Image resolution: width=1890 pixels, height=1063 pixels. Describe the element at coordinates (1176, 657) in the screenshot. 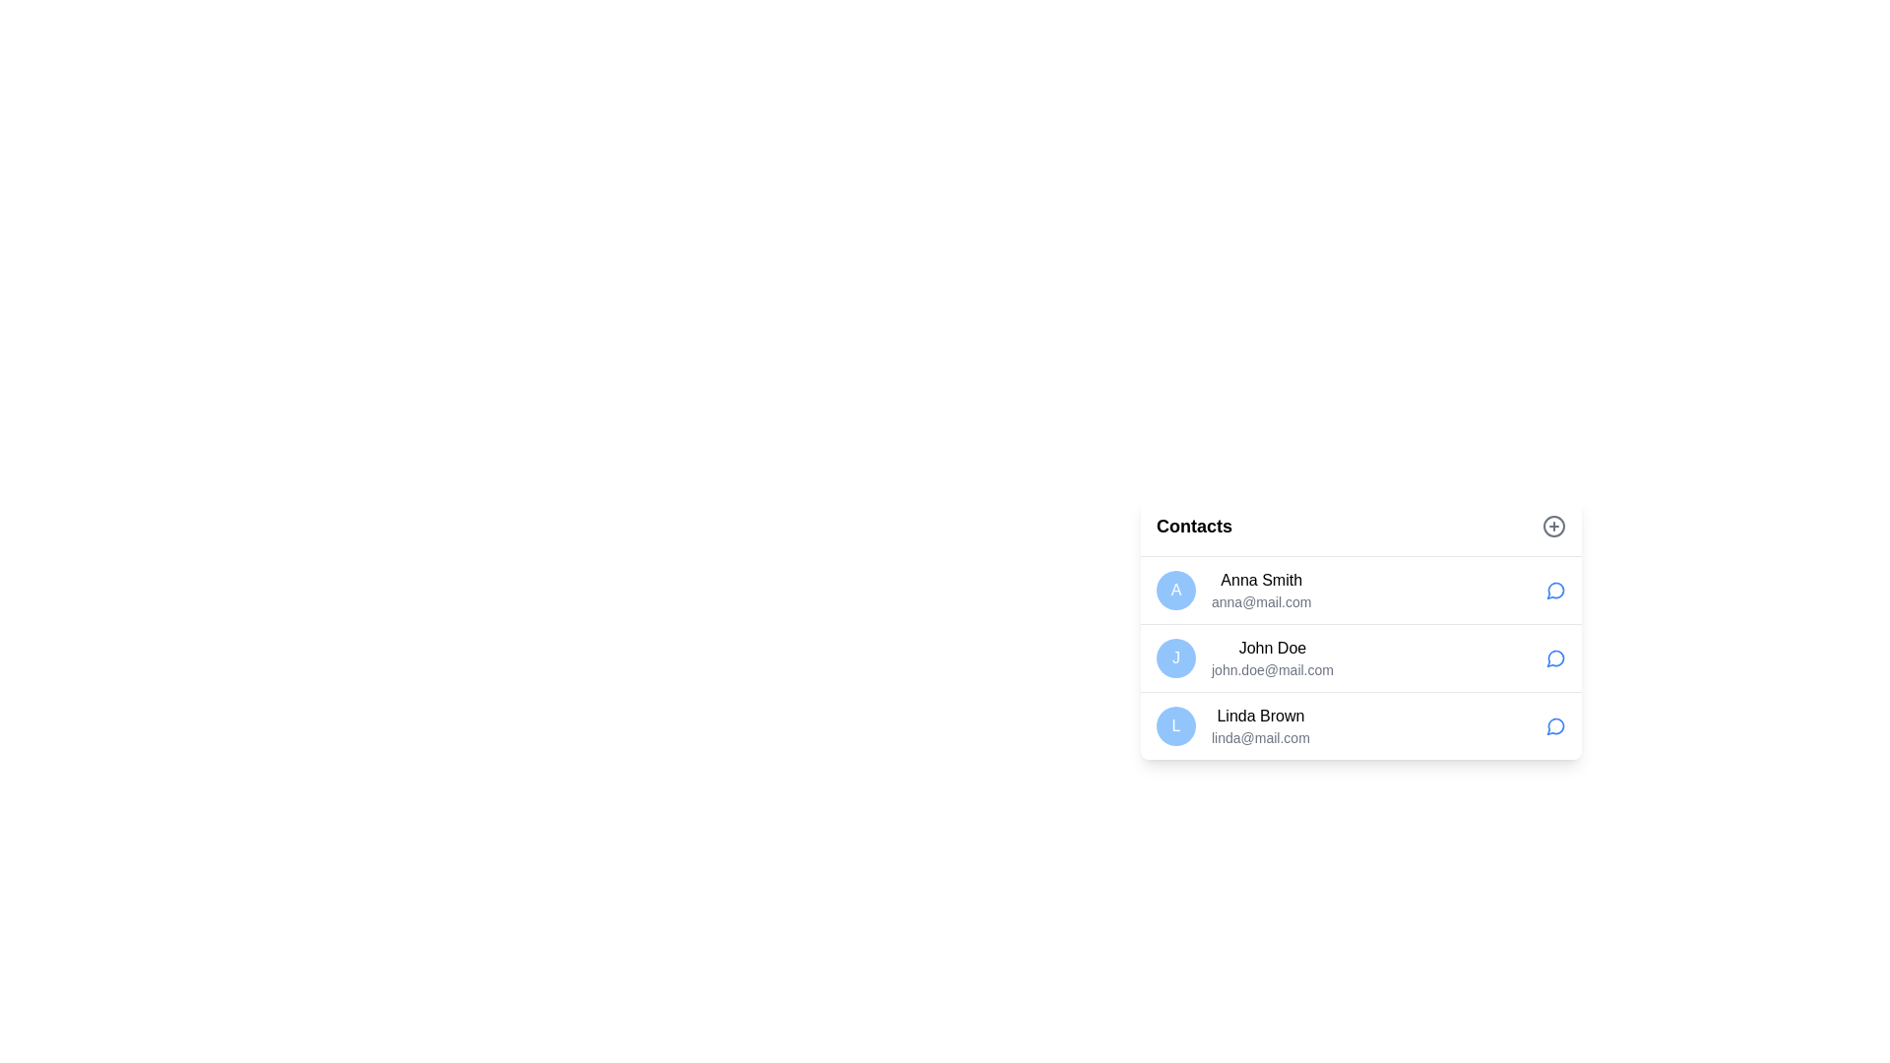

I see `the Avatar Indicator, a circular UI component with a light blue background and a white 'J' character, located to the left of 'John Doe' in the Contacts section` at that location.